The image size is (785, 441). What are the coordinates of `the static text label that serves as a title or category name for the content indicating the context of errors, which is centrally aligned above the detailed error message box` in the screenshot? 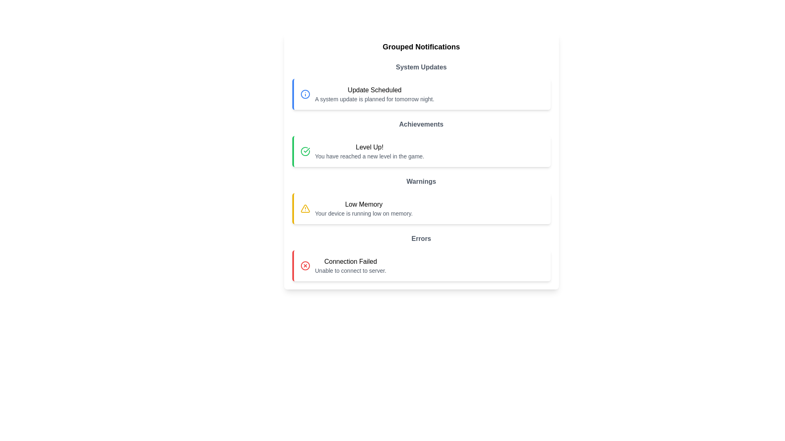 It's located at (421, 239).